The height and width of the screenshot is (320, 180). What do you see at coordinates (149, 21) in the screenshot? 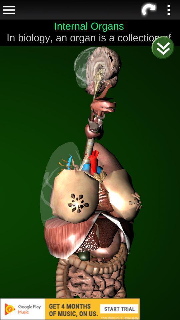
I see `the settings icon` at bounding box center [149, 21].